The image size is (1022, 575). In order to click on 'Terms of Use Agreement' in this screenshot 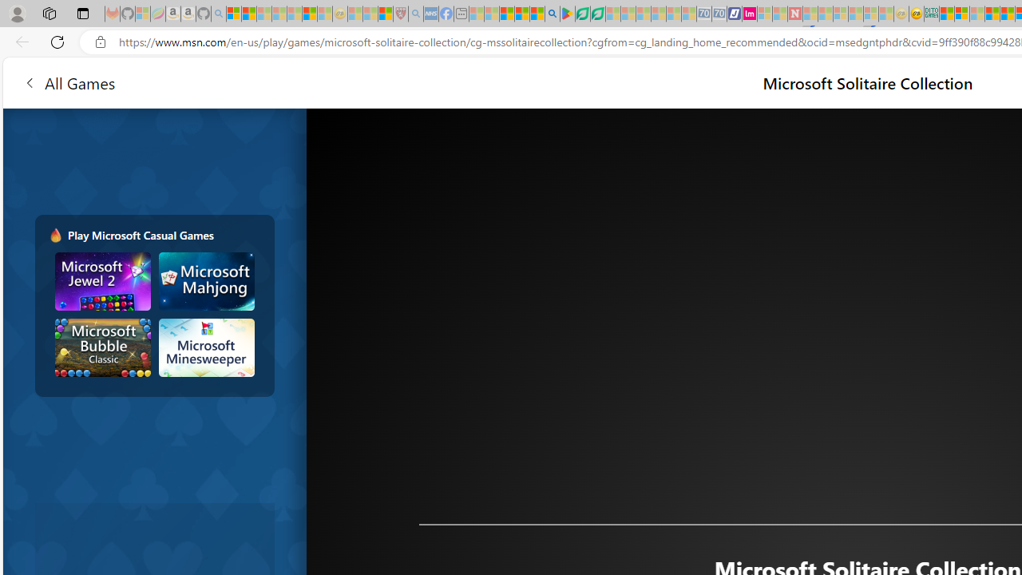, I will do `click(581, 14)`.